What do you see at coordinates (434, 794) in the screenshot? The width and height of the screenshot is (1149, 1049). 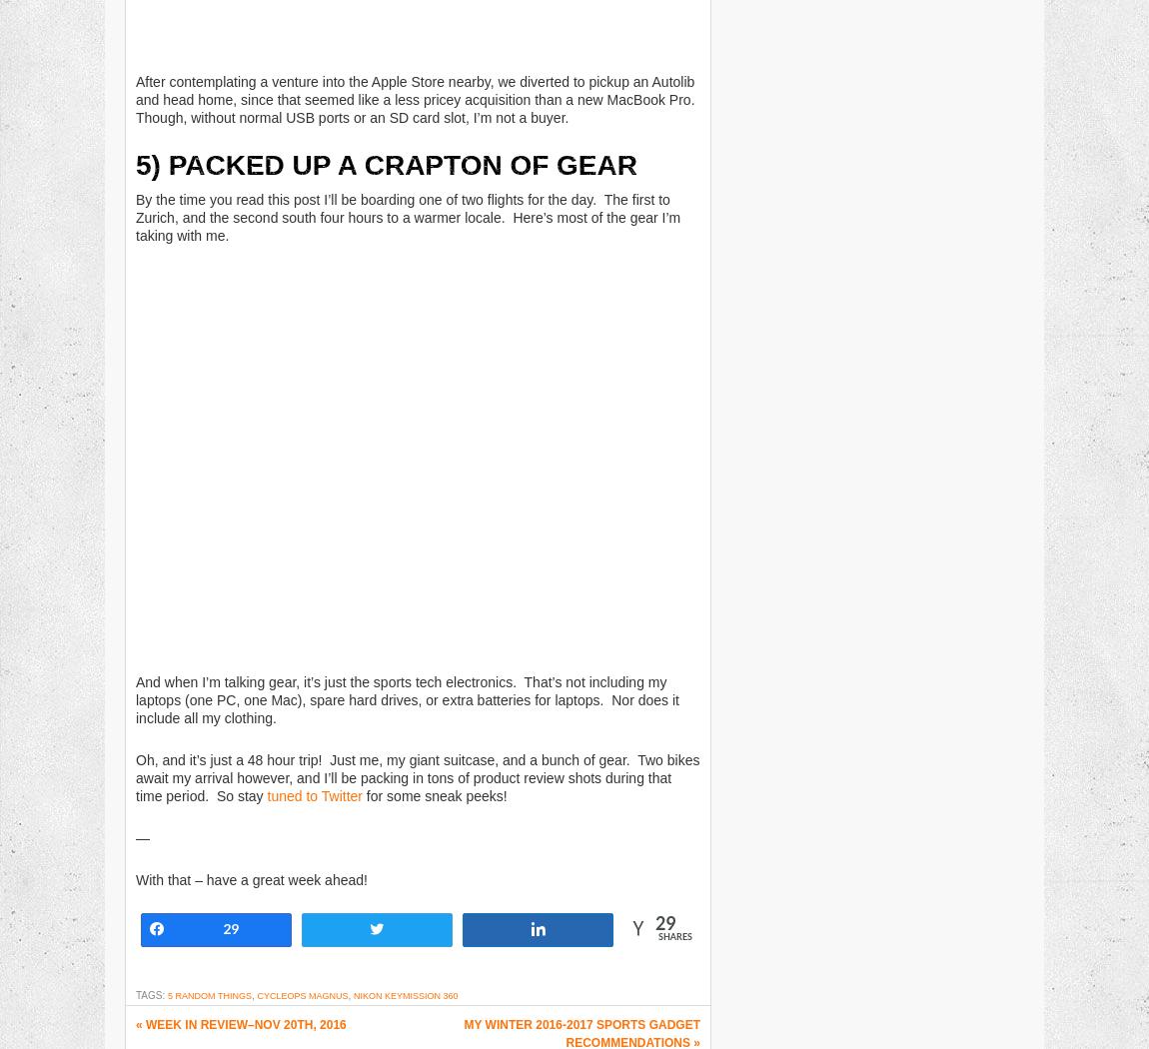 I see `'for some sneak peeks!'` at bounding box center [434, 794].